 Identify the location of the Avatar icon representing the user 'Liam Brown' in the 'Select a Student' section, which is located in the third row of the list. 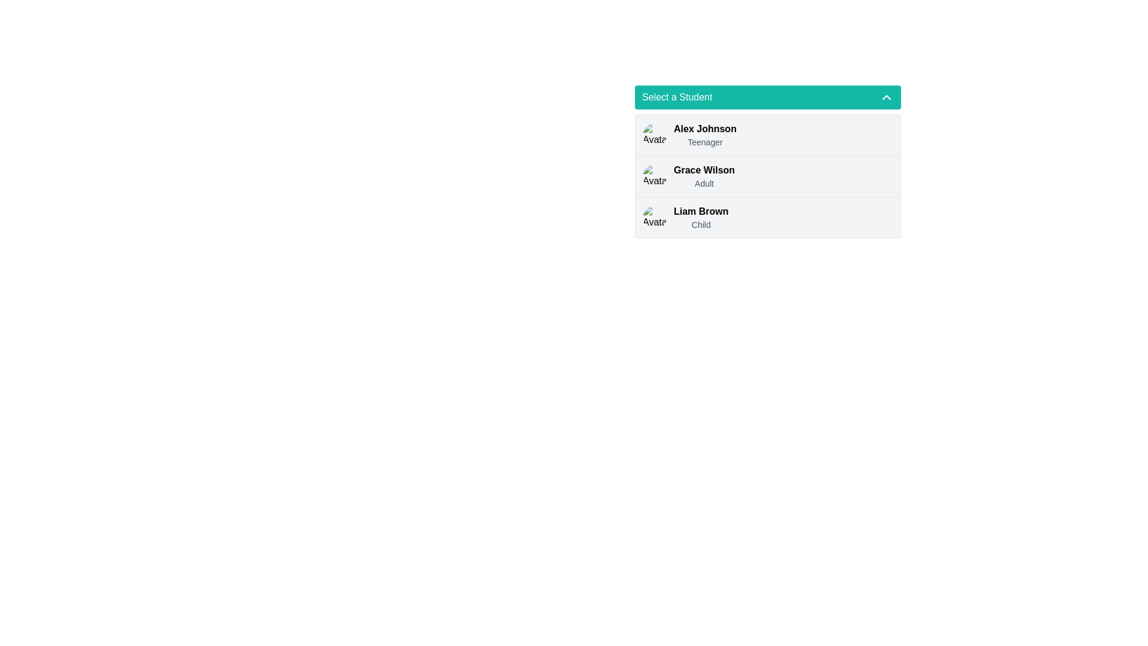
(654, 217).